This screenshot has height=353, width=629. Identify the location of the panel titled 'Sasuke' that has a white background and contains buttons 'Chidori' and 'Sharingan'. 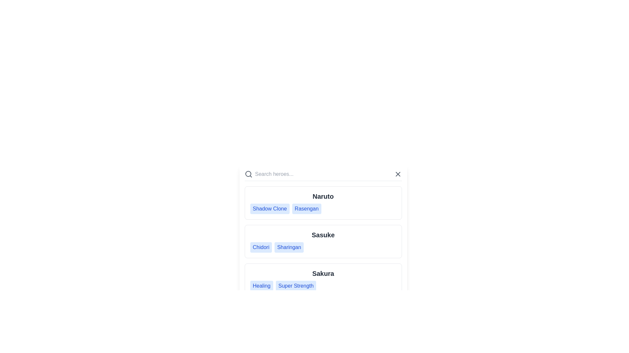
(323, 242).